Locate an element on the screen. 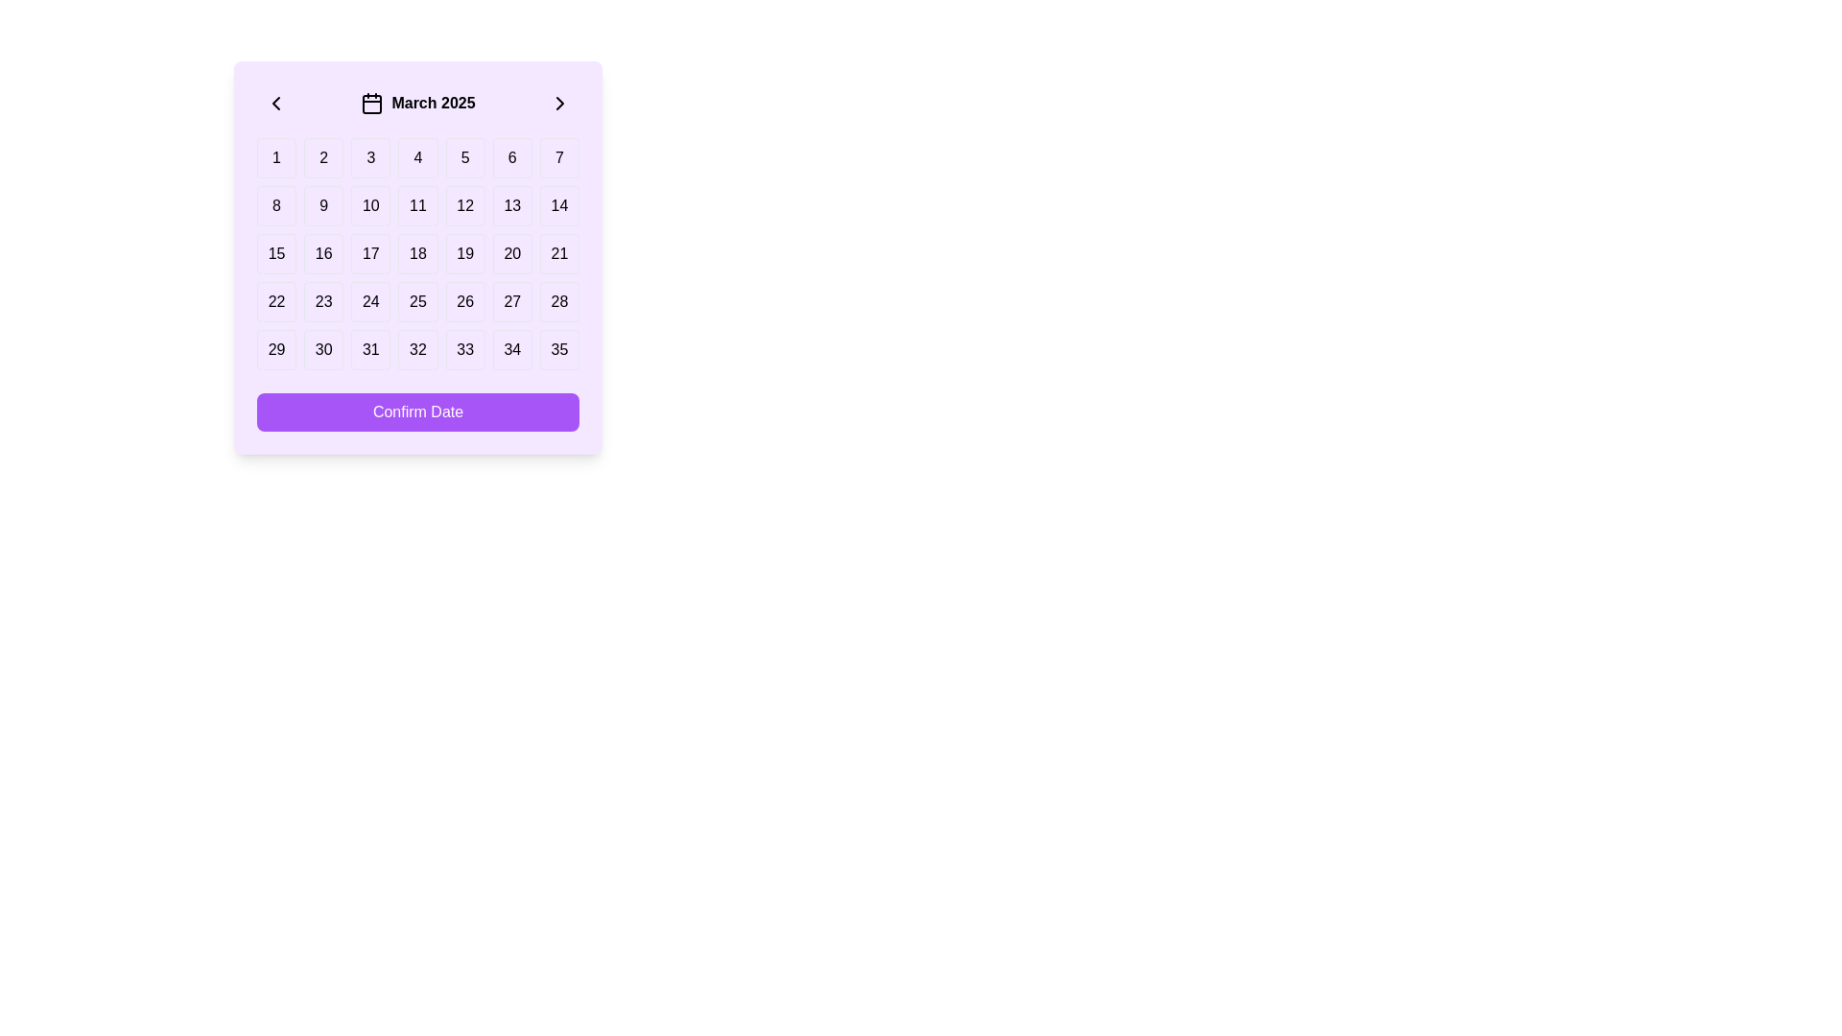  the date selection button for '23' in the calendar interface is located at coordinates (323, 302).